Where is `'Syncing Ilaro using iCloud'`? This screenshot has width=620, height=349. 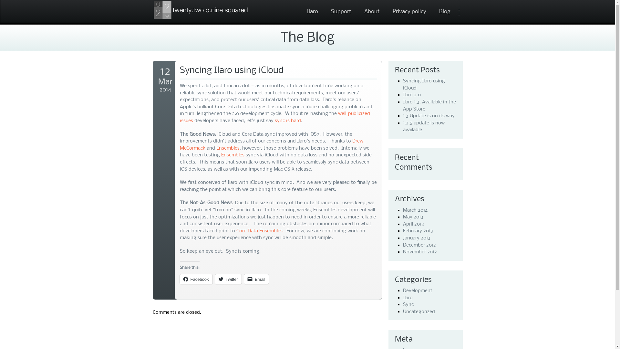 'Syncing Ilaro using iCloud' is located at coordinates (424, 84).